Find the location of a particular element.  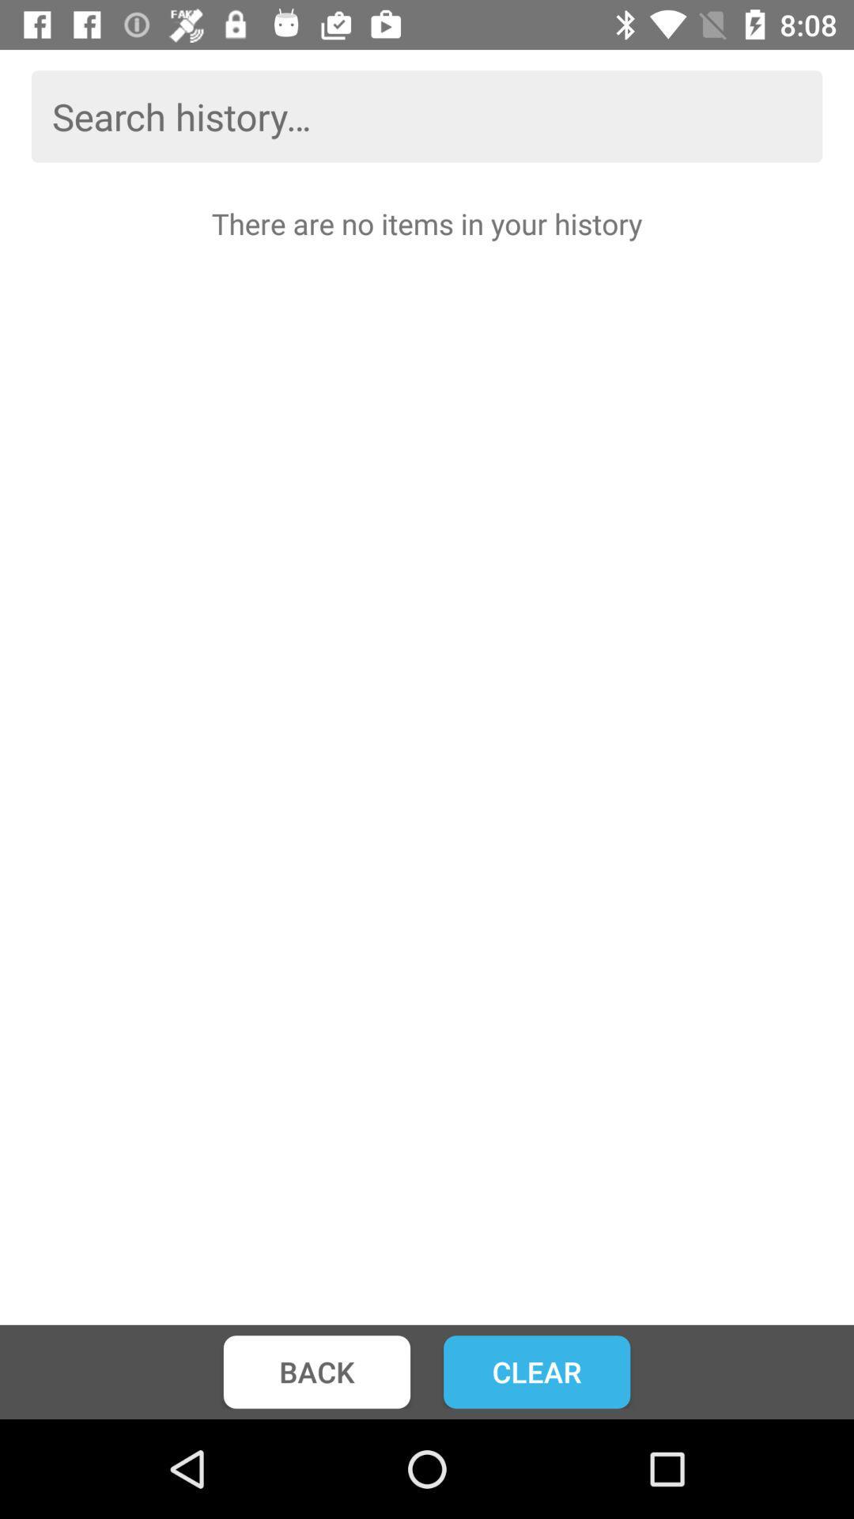

back icon is located at coordinates (316, 1371).